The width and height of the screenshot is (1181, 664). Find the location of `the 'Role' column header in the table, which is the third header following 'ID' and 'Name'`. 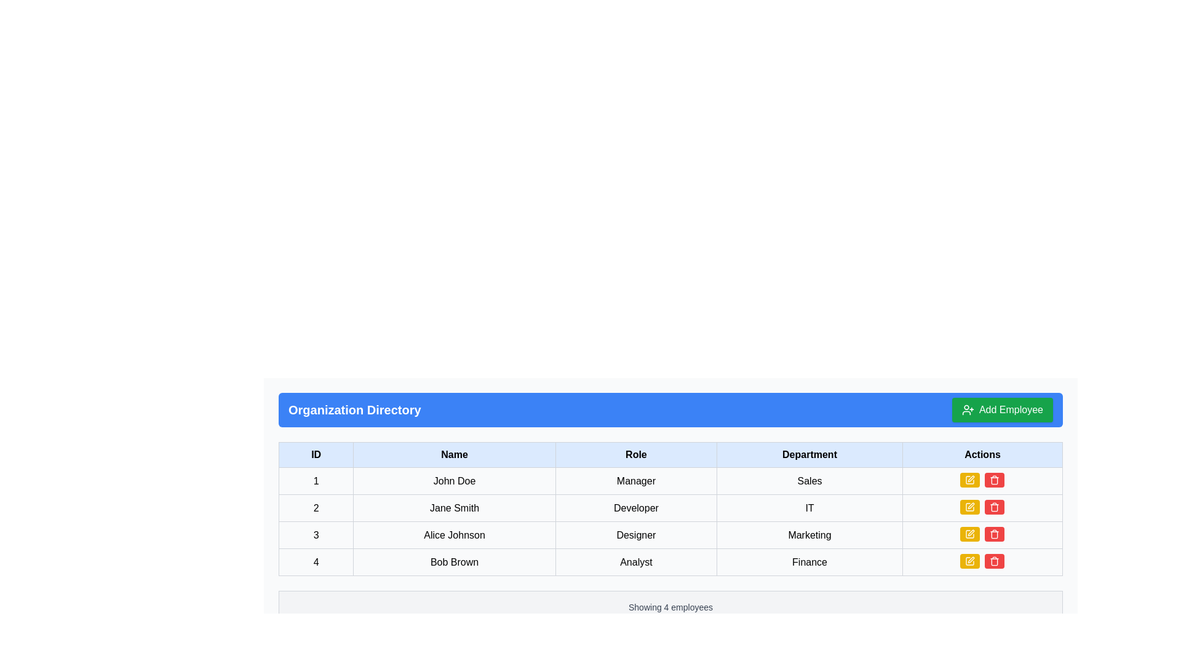

the 'Role' column header in the table, which is the third header following 'ID' and 'Name' is located at coordinates (636, 455).